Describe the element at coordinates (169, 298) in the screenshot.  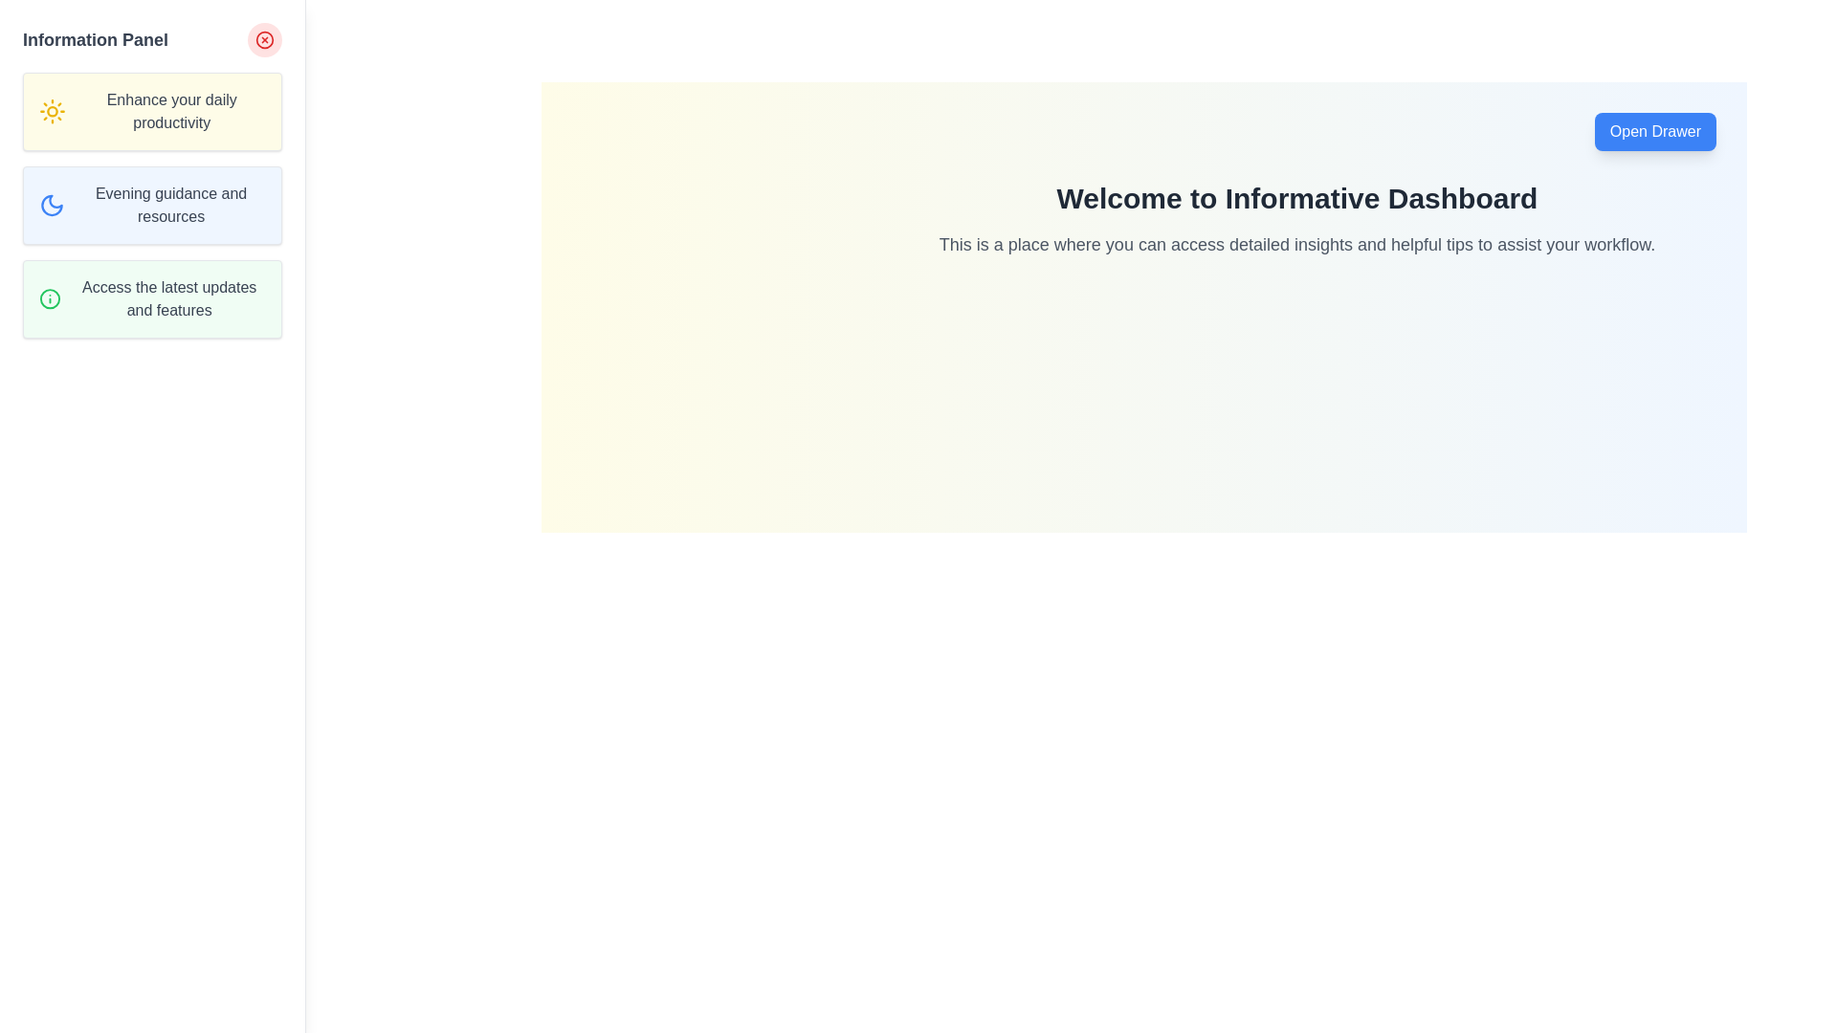
I see `the Static Text element displaying 'Access the latest updates and features' located in the third row of the sidebar within a light green background box` at that location.